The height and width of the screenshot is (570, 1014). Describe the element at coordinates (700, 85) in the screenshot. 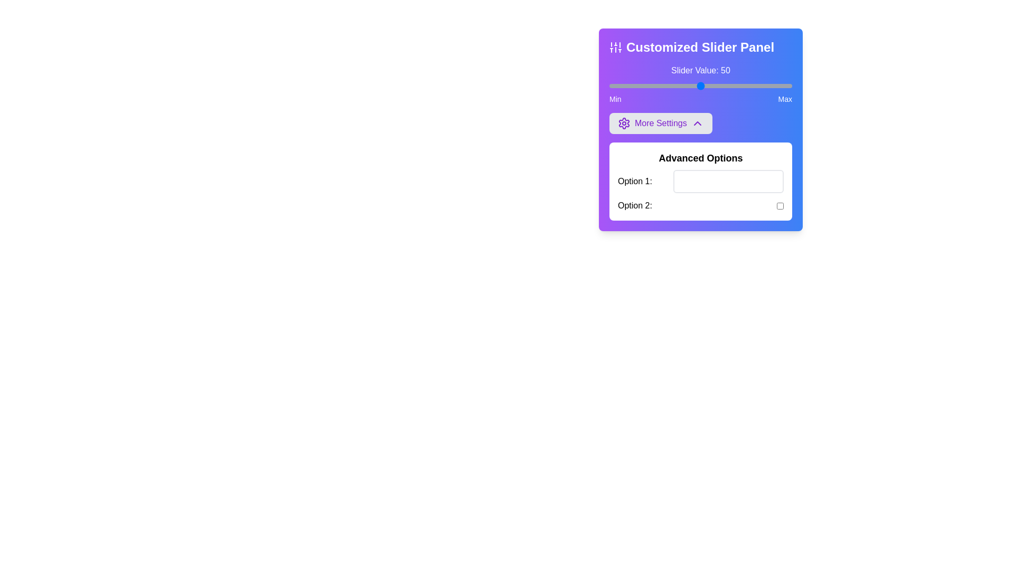

I see `the slider component located between the 'Slider Value: 50' label and the 'Min' and 'Max' labels, then use the keyboard arrows to modify its value incrementally` at that location.